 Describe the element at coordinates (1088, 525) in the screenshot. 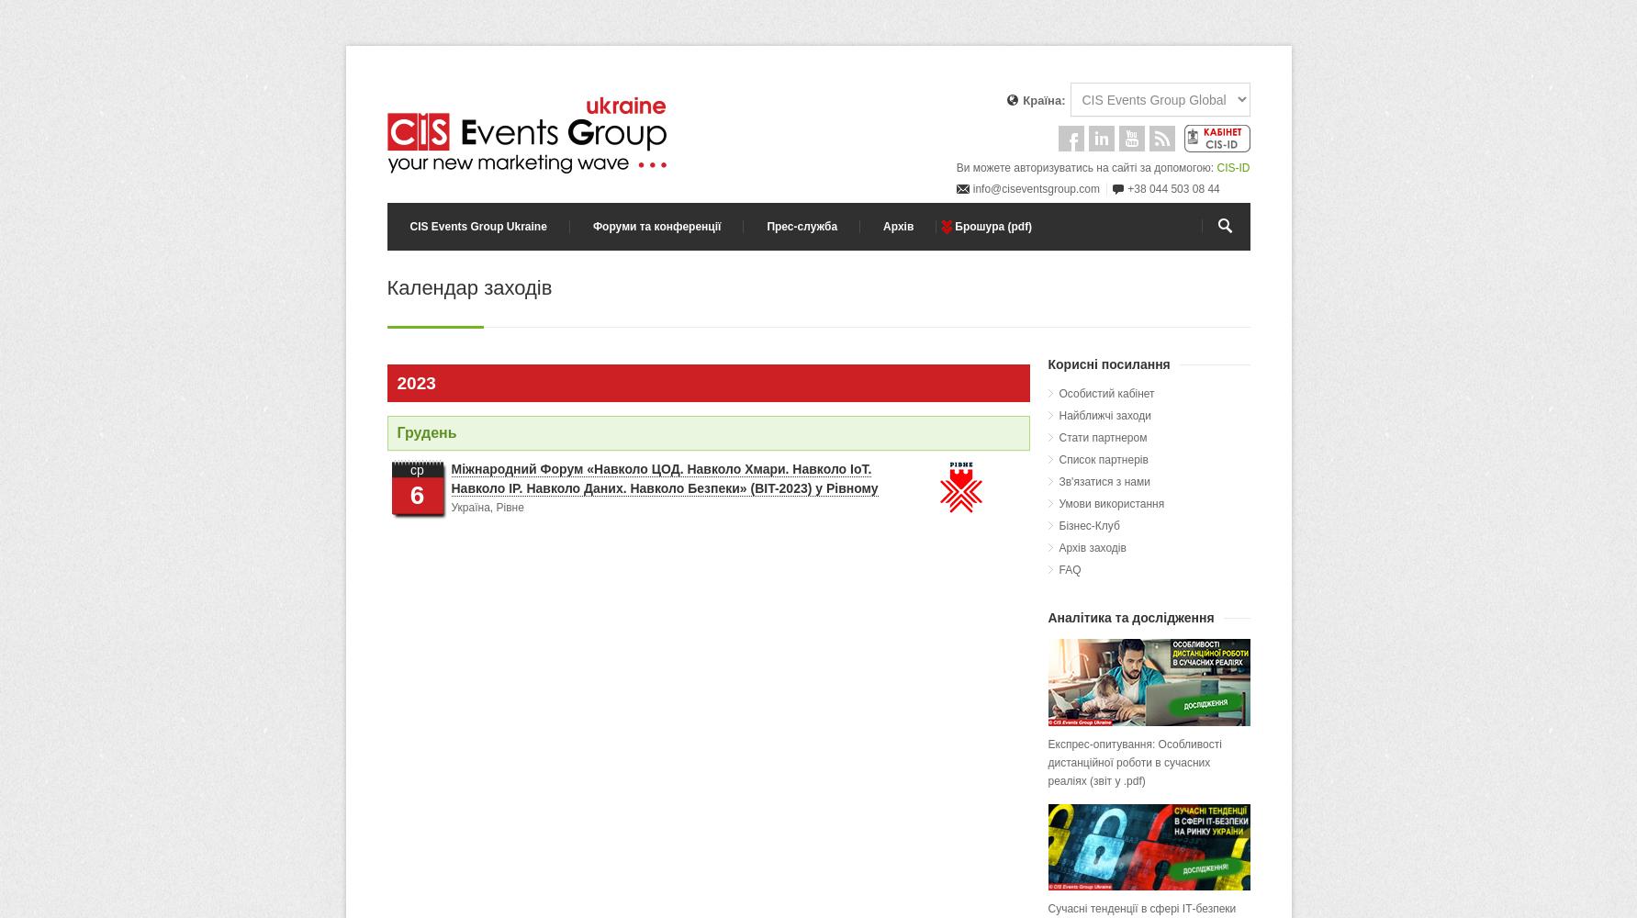

I see `'Бізнес-Клуб'` at that location.